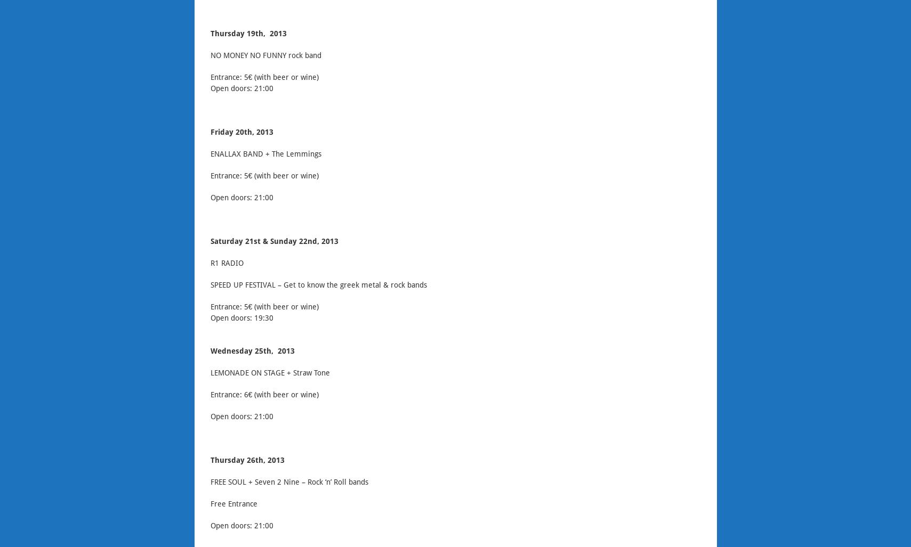 The height and width of the screenshot is (547, 911). I want to click on 'FREE SOUL + Seven 2 Nine – Rock ‘n’ Roll bands', so click(288, 482).